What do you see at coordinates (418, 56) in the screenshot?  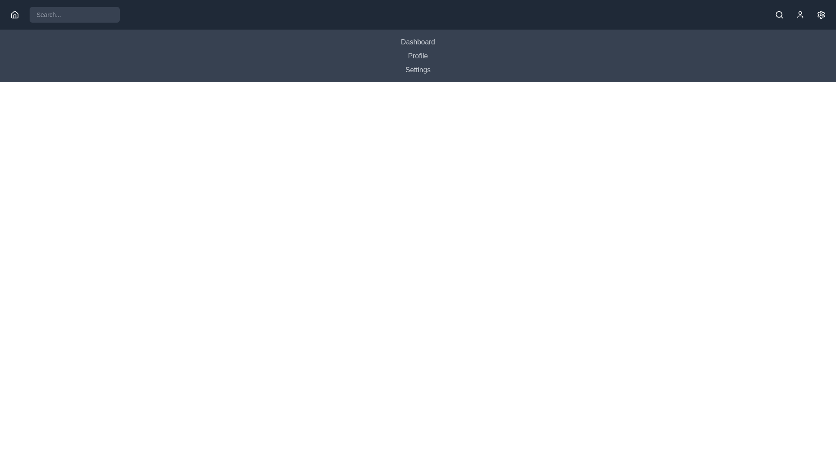 I see `the vertical list navigation/menu component located centrally below the search and navigation bar` at bounding box center [418, 56].